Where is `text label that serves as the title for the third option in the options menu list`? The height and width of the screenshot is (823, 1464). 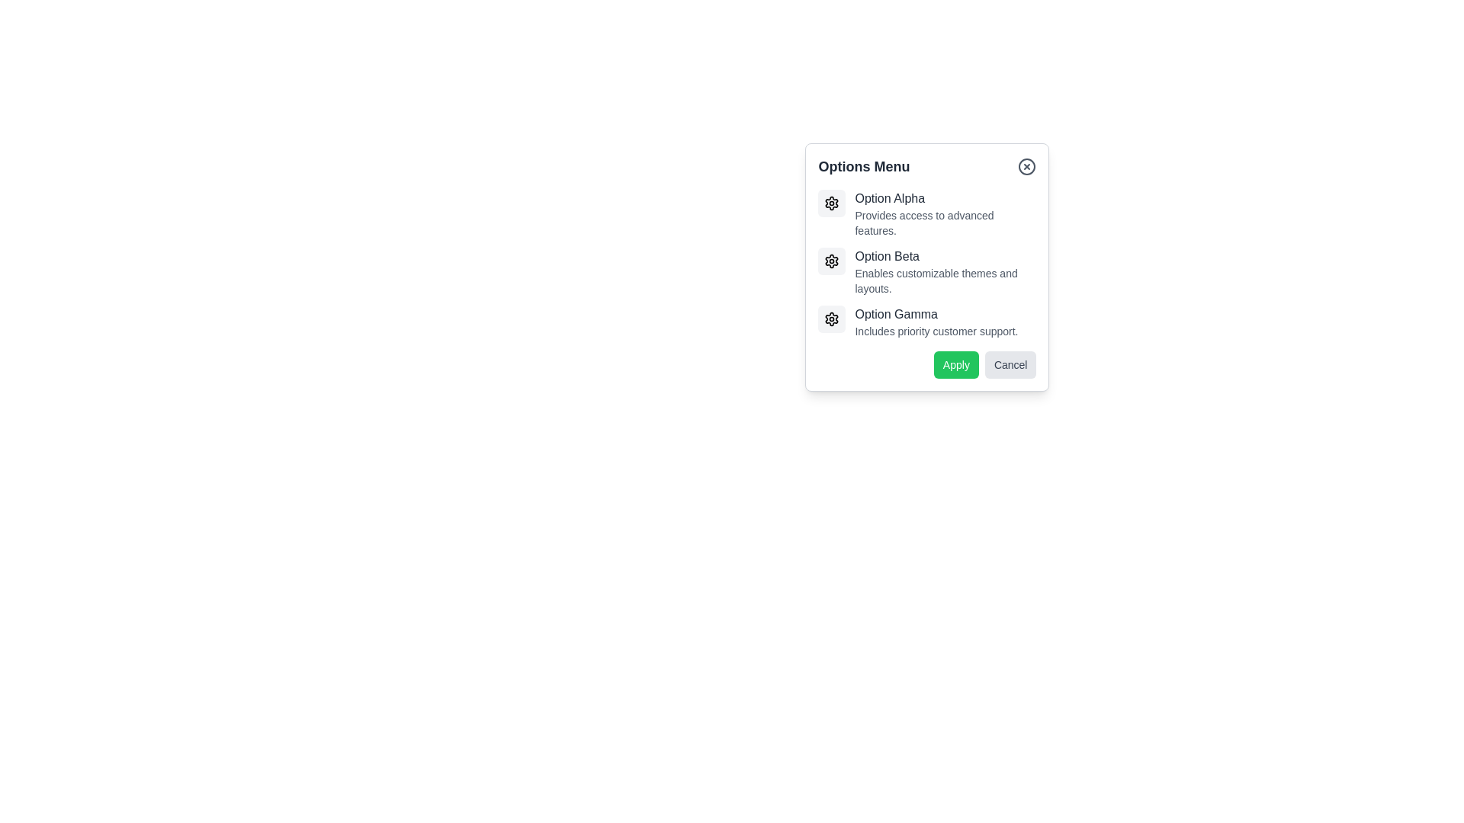 text label that serves as the title for the third option in the options menu list is located at coordinates (936, 313).